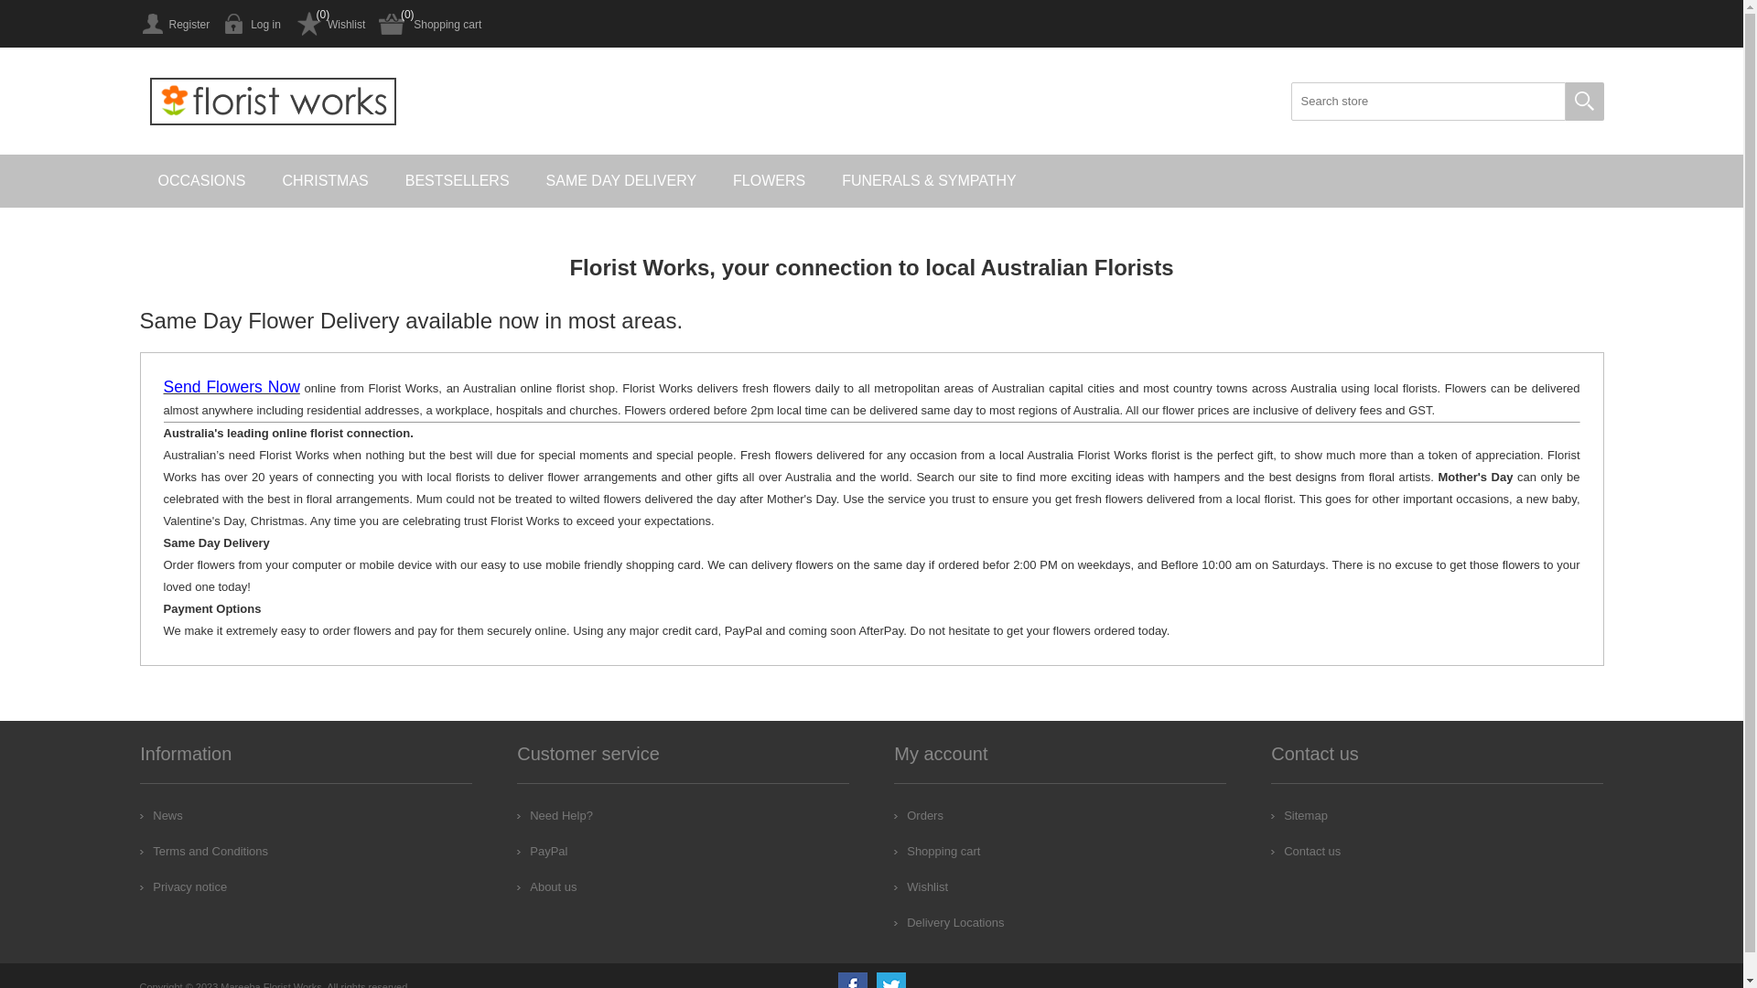 The image size is (1757, 988). Describe the element at coordinates (161, 814) in the screenshot. I see `'News'` at that location.